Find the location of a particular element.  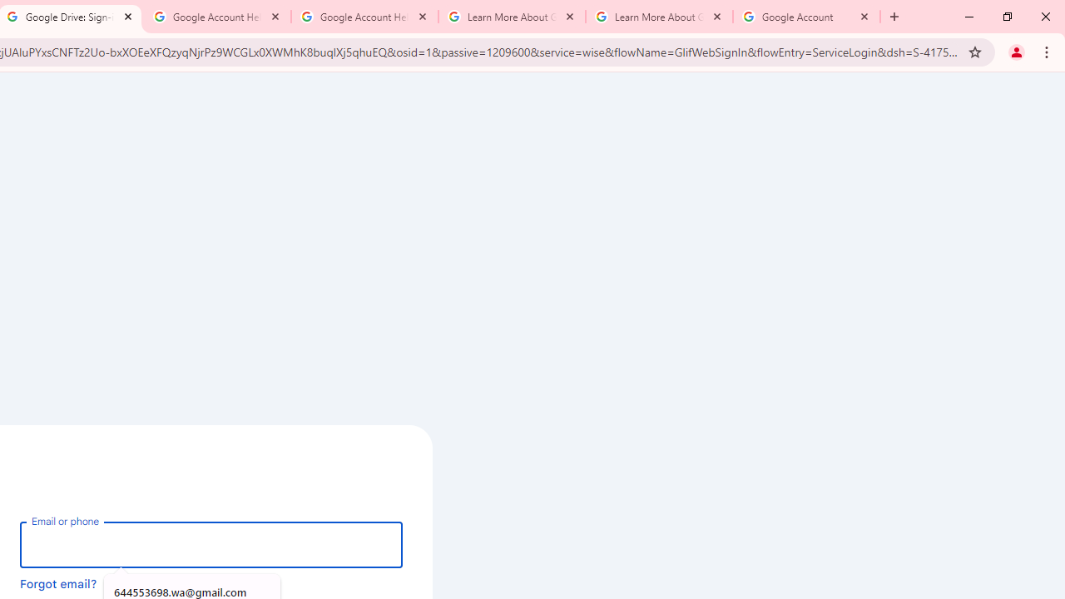

'Google Account Help' is located at coordinates (364, 17).